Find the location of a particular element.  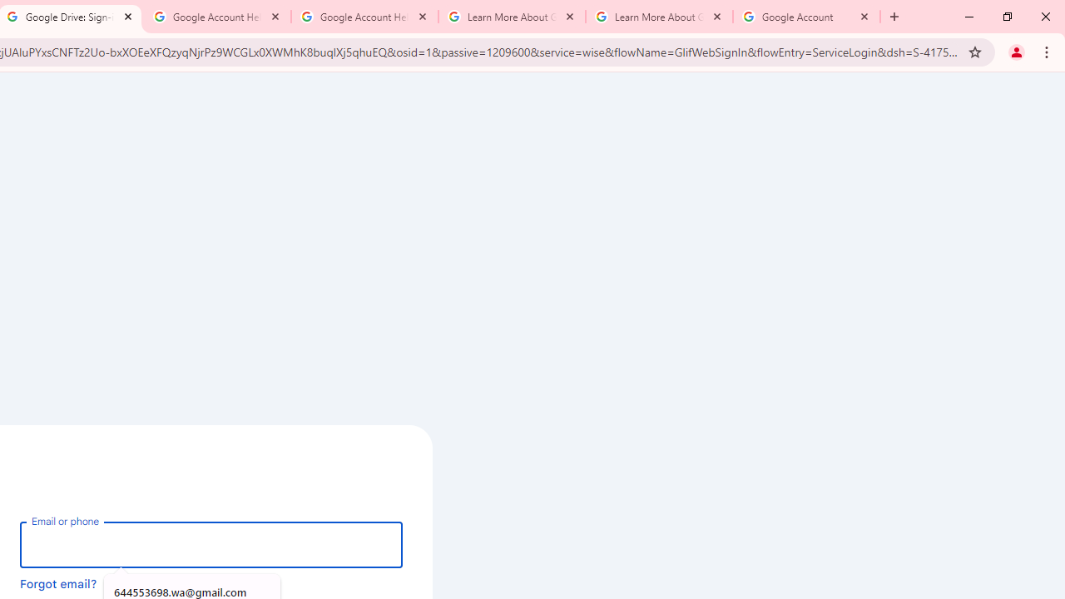

'Google Account Help' is located at coordinates (364, 17).